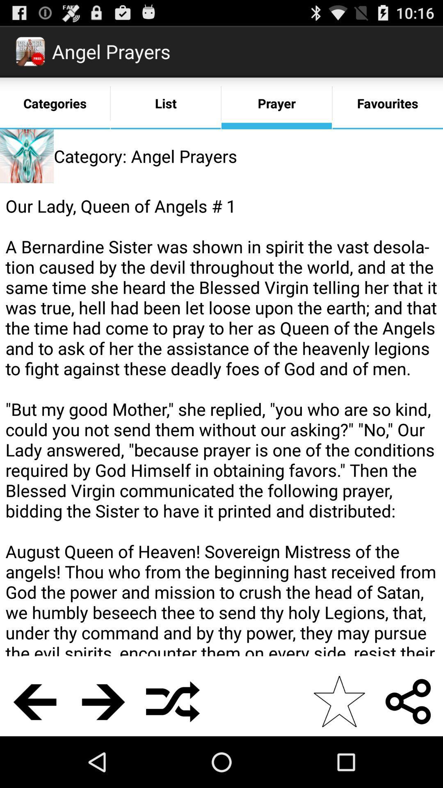 This screenshot has width=443, height=788. Describe the element at coordinates (339, 701) in the screenshot. I see `the app below our lady queen app` at that location.